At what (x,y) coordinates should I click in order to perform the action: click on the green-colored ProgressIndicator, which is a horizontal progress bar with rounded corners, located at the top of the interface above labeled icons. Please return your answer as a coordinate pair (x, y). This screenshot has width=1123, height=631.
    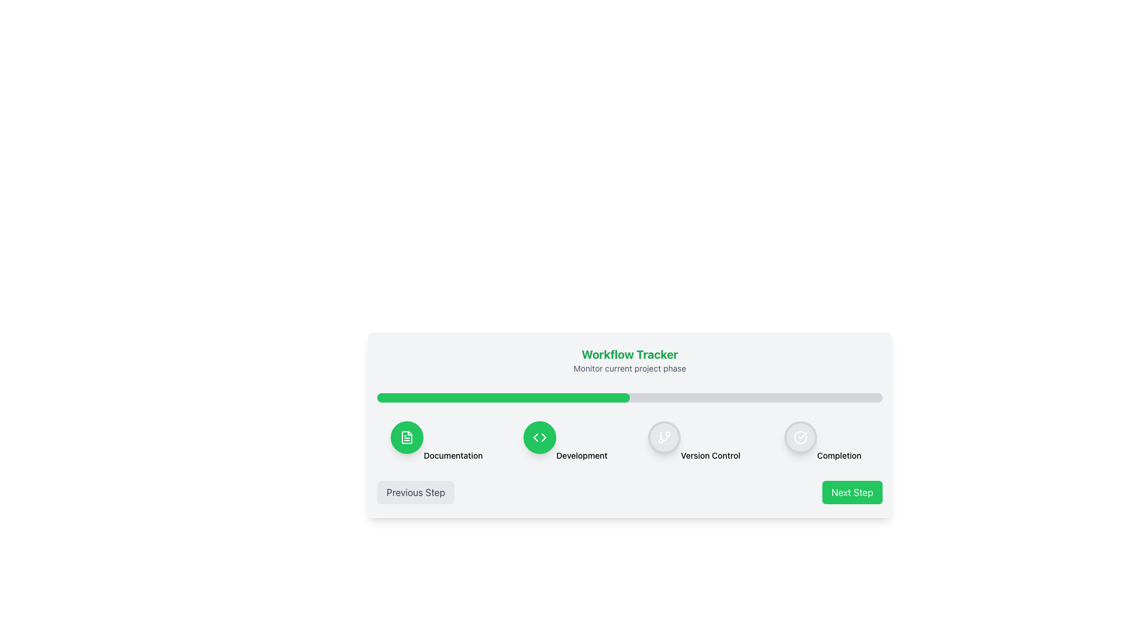
    Looking at the image, I should click on (503, 397).